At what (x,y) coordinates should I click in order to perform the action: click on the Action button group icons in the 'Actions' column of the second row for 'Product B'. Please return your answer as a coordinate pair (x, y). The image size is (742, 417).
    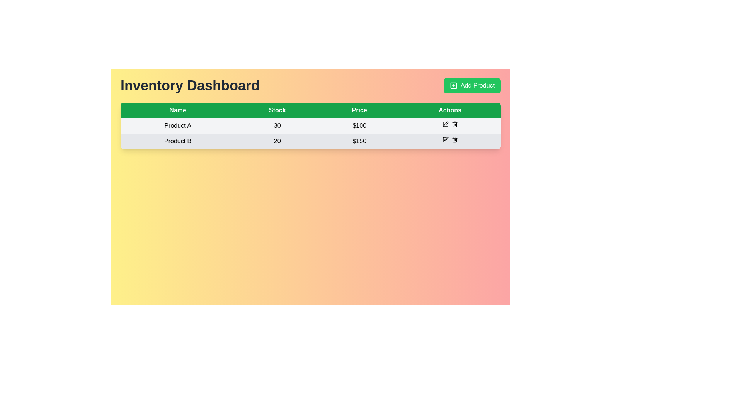
    Looking at the image, I should click on (450, 140).